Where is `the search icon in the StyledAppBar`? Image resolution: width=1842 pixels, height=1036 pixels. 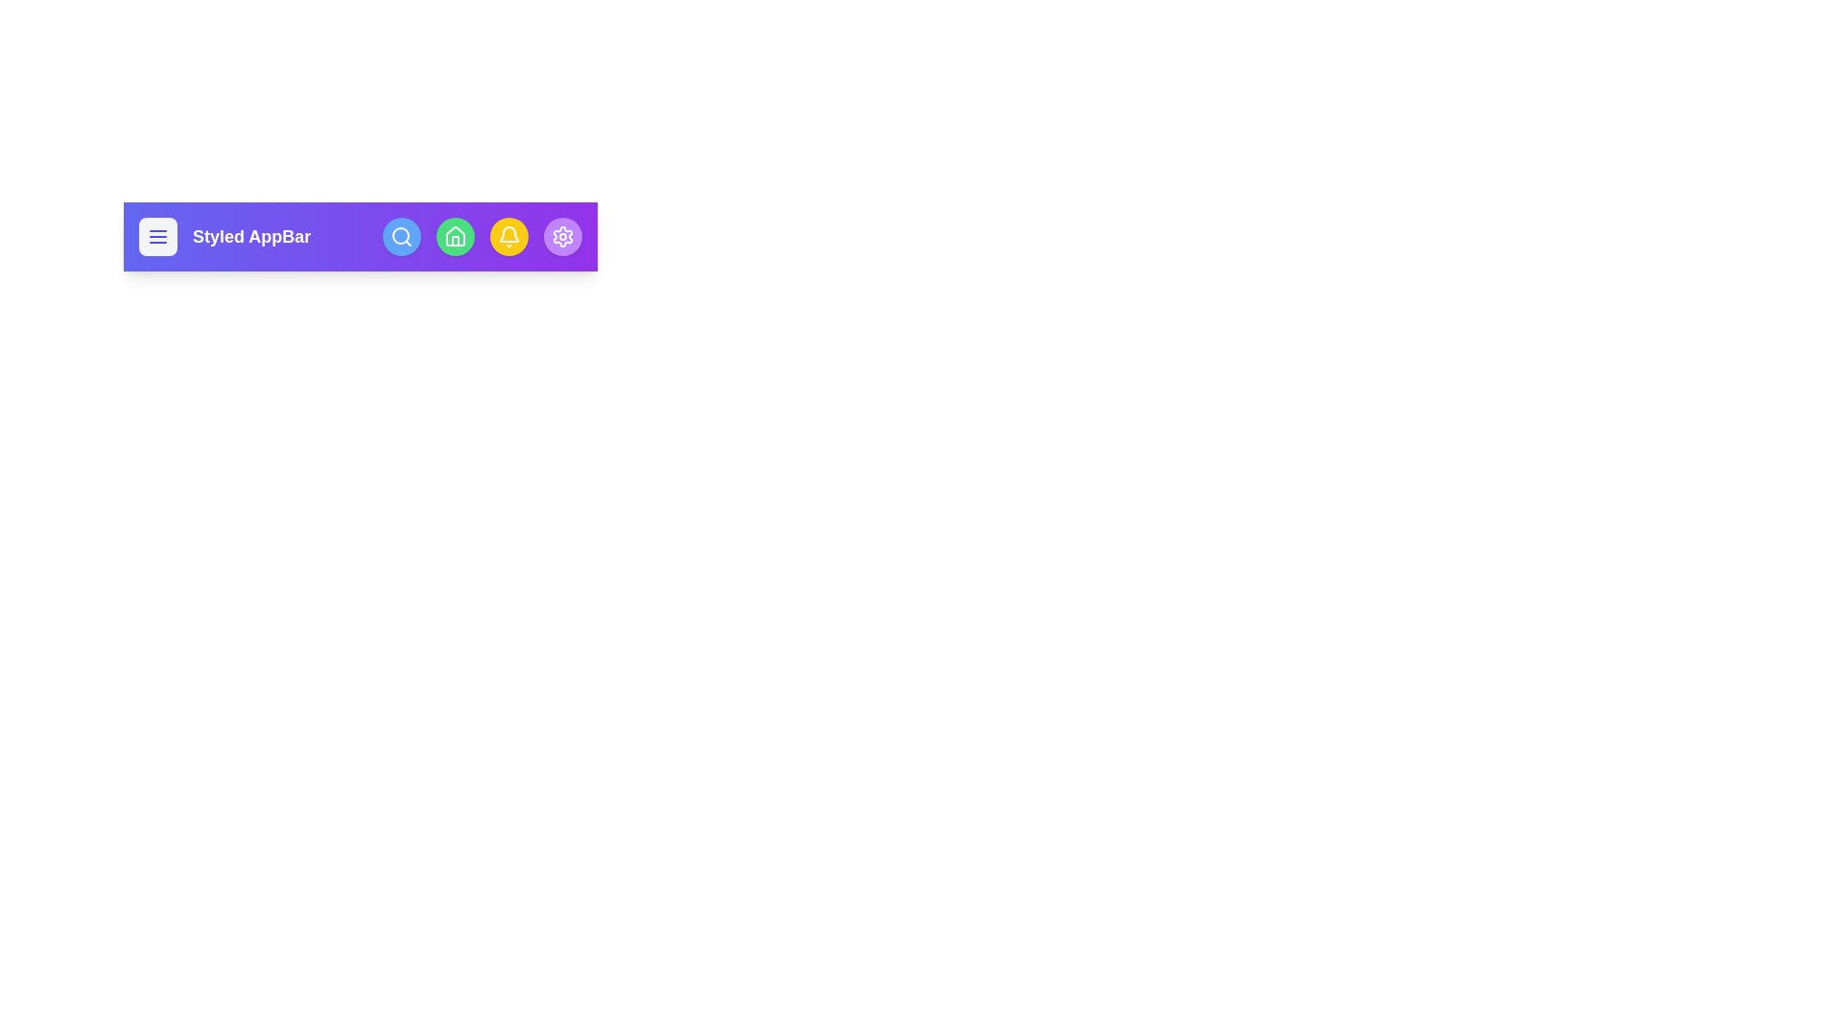
the search icon in the StyledAppBar is located at coordinates (400, 235).